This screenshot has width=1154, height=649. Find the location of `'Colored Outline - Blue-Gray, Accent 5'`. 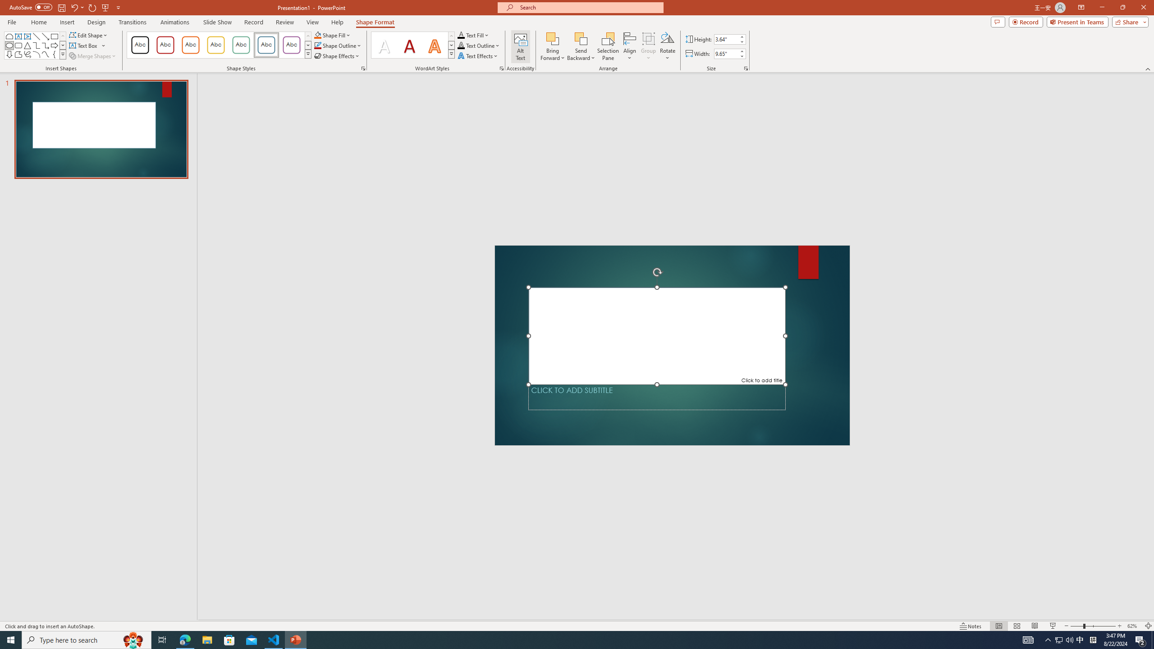

'Colored Outline - Blue-Gray, Accent 5' is located at coordinates (266, 45).